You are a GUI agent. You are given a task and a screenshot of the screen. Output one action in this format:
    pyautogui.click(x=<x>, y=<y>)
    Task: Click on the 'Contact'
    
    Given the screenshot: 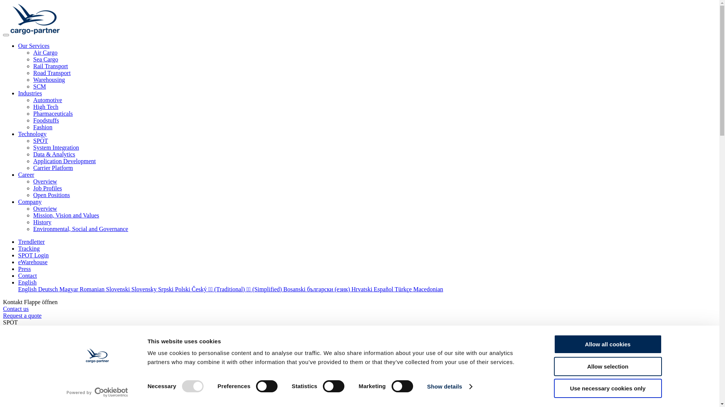 What is the action you would take?
    pyautogui.click(x=27, y=275)
    